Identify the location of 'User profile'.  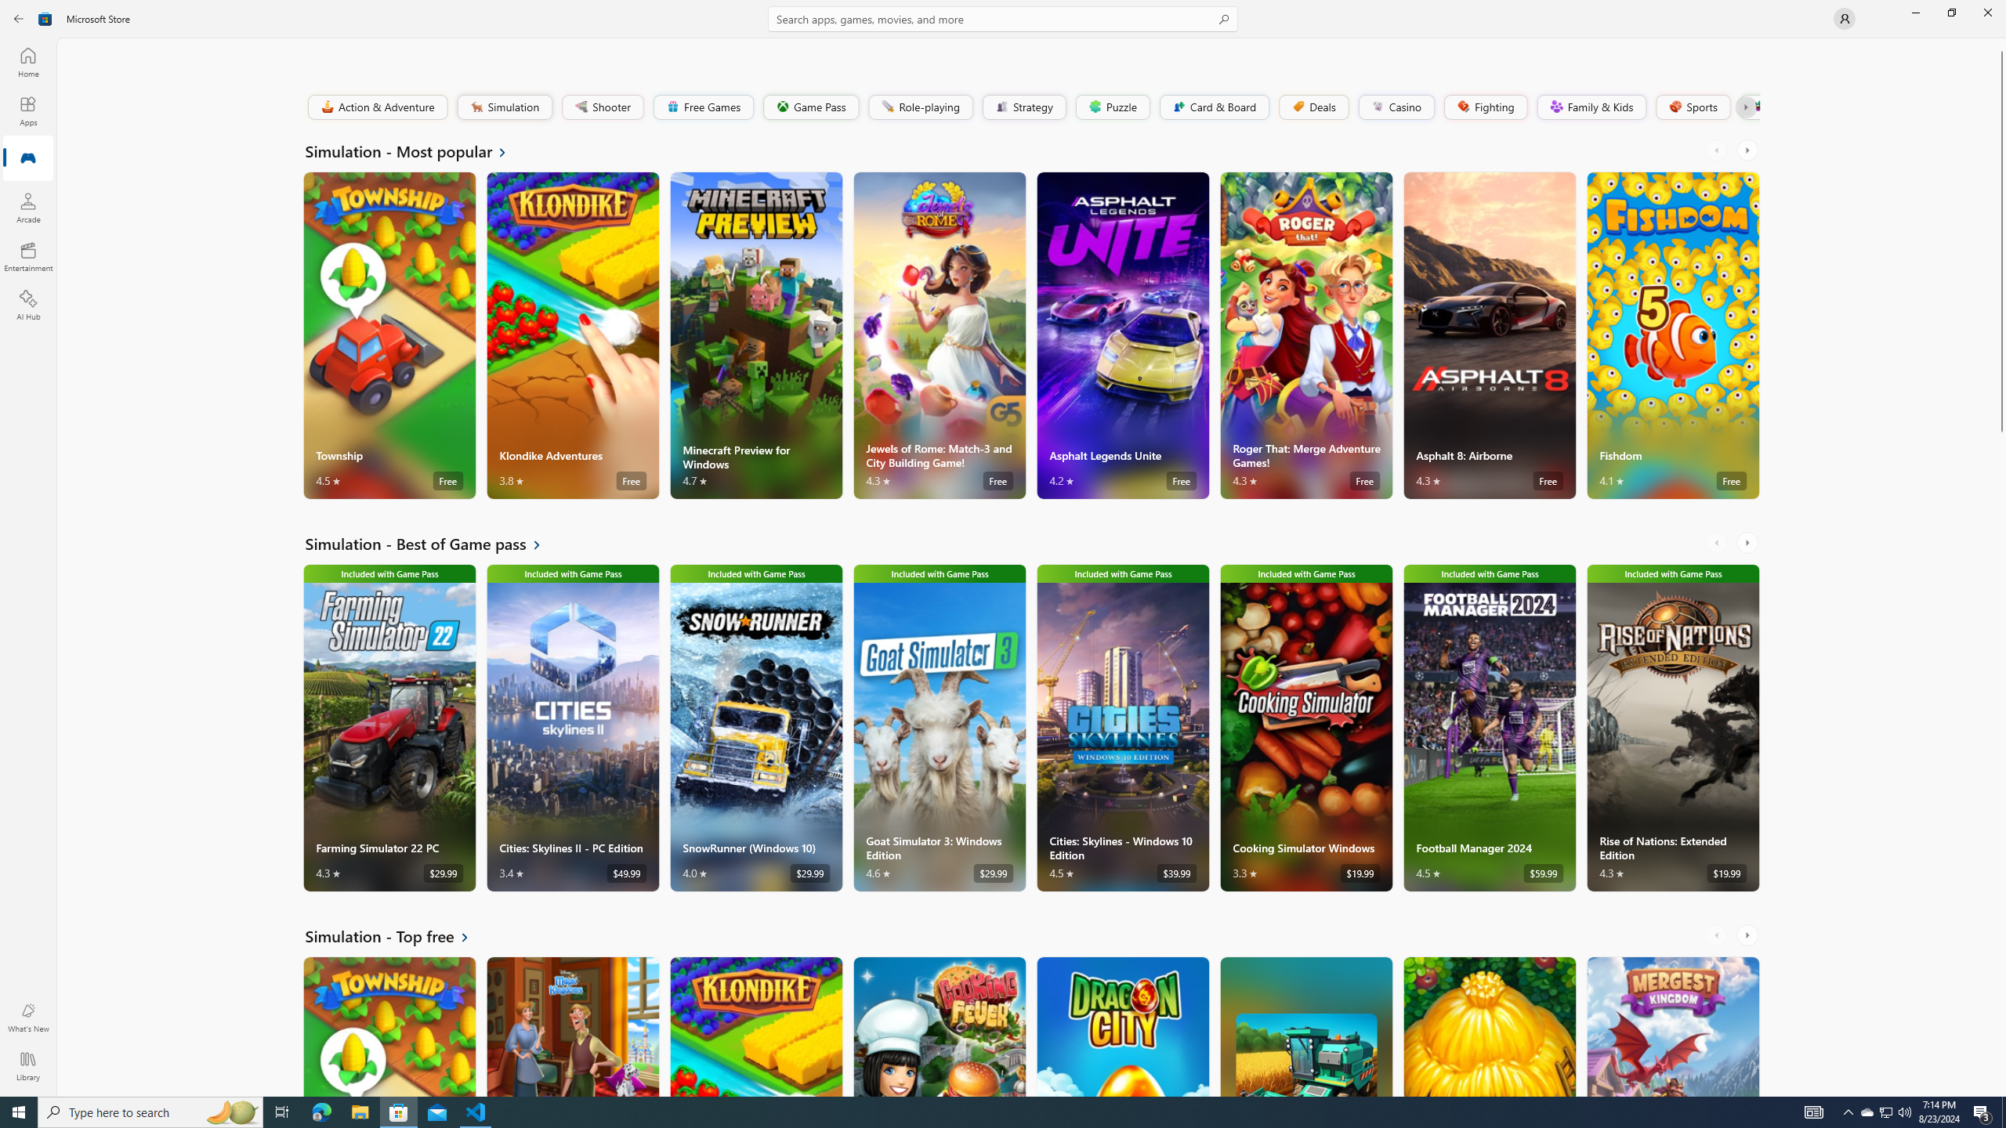
(1843, 17).